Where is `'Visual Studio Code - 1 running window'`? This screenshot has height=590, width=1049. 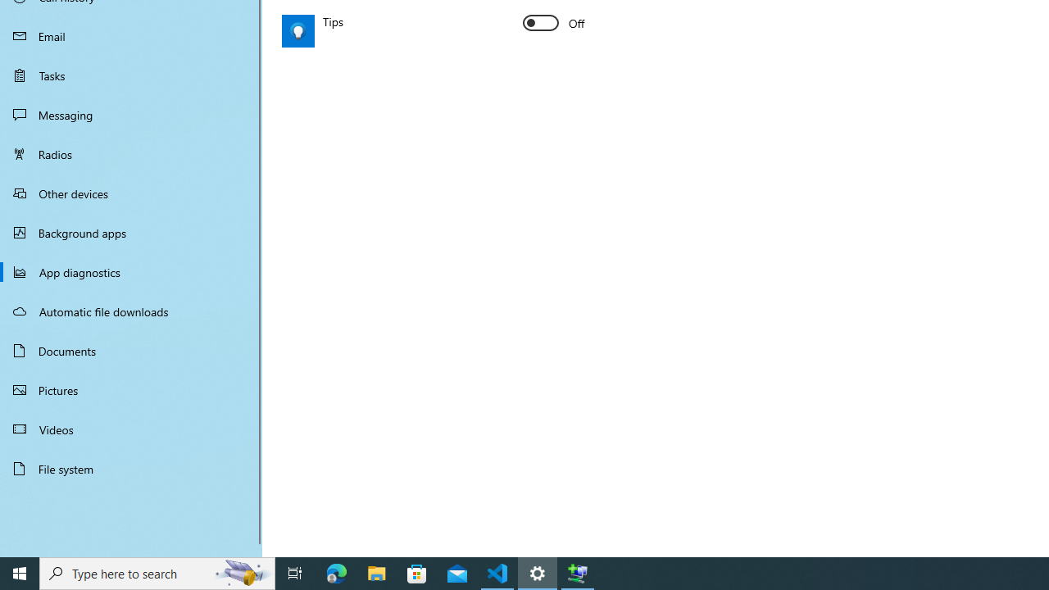
'Visual Studio Code - 1 running window' is located at coordinates (497, 572).